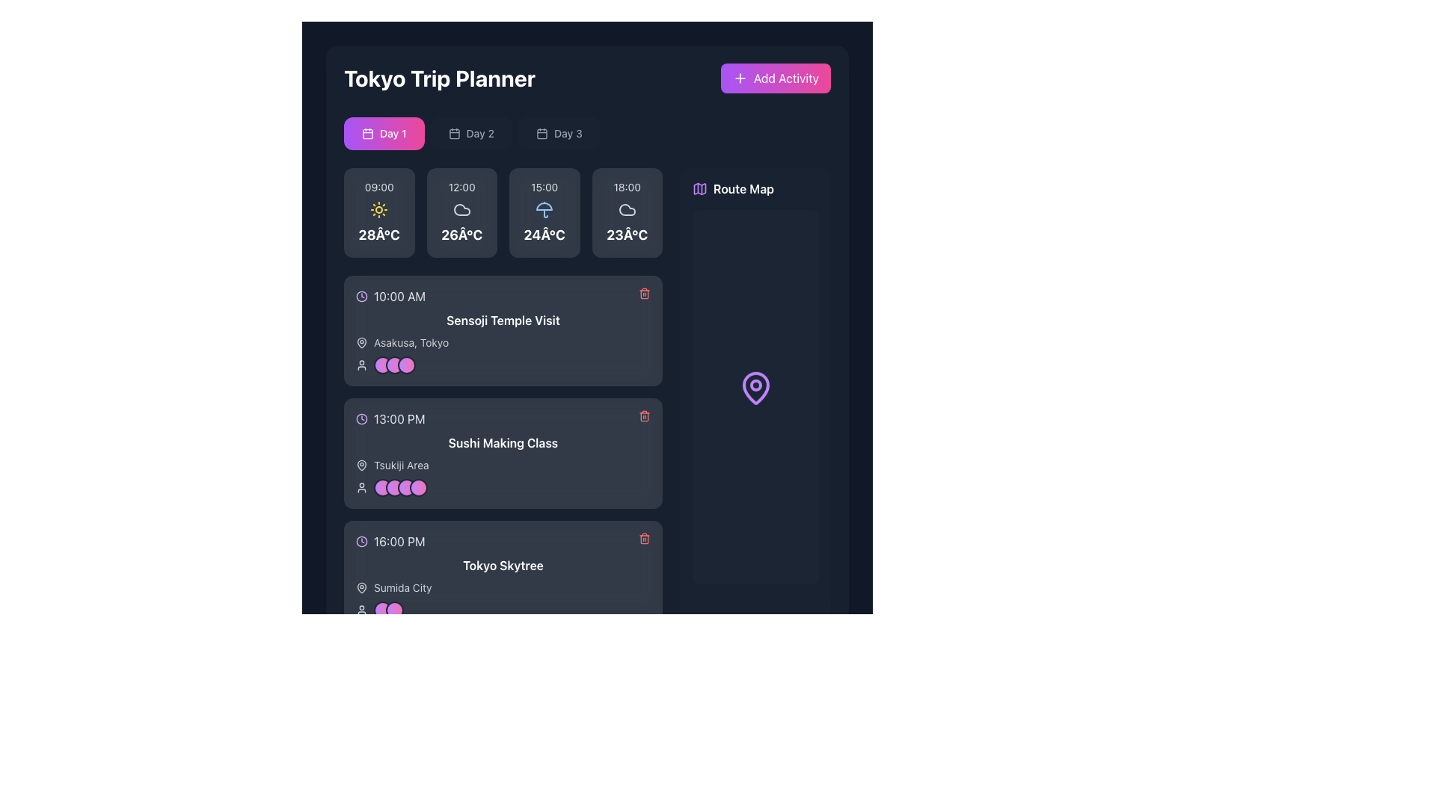  I want to click on the button labeled 'Route Map' with a purple map icon on the left, so click(733, 188).